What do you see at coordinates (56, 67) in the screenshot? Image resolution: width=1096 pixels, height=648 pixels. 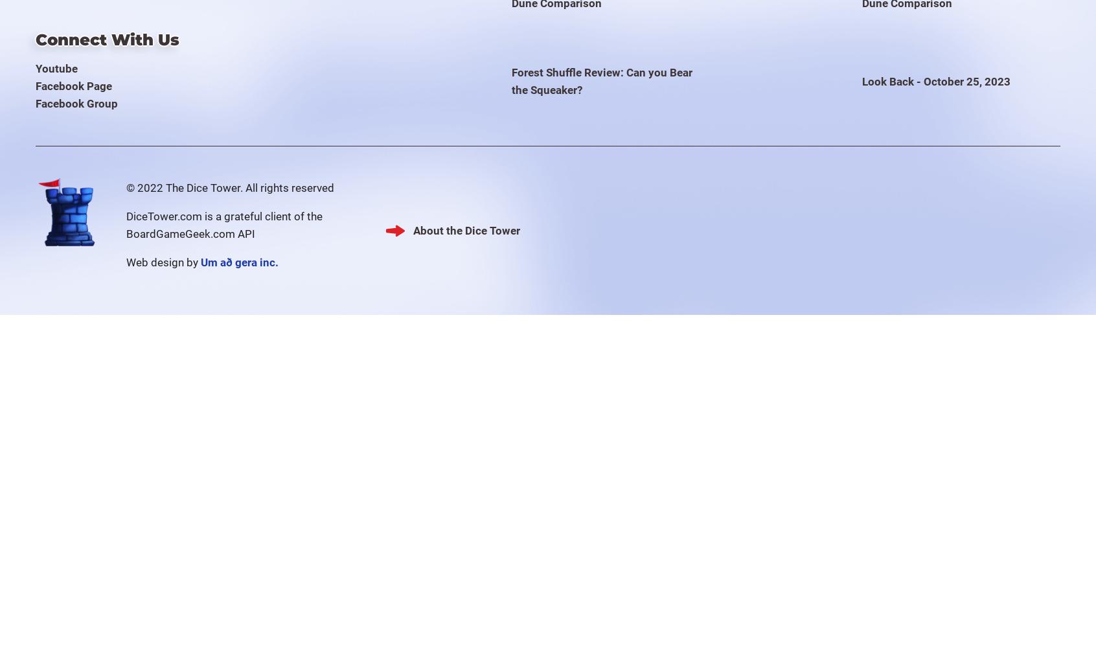 I see `'Youtube'` at bounding box center [56, 67].